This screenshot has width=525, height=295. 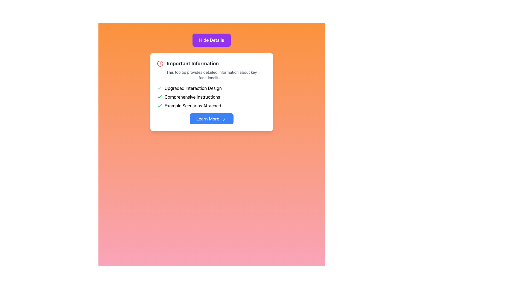 What do you see at coordinates (224, 119) in the screenshot?
I see `the navigational icon located to the right of the 'Learn More' blue button in the footer of the modal overlay` at bounding box center [224, 119].